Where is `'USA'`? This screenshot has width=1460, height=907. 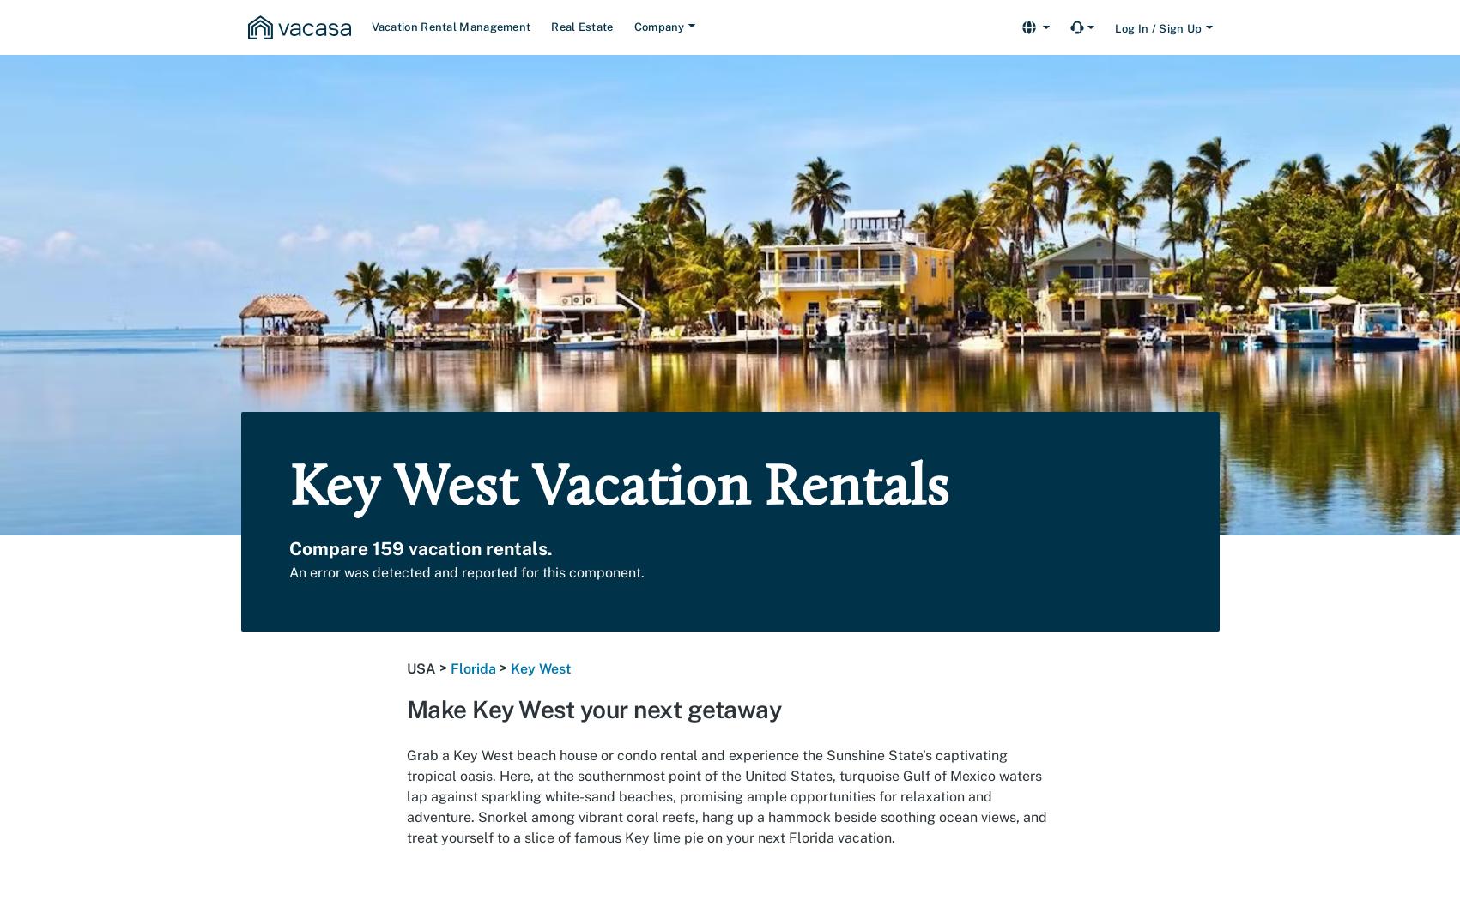 'USA' is located at coordinates (421, 668).